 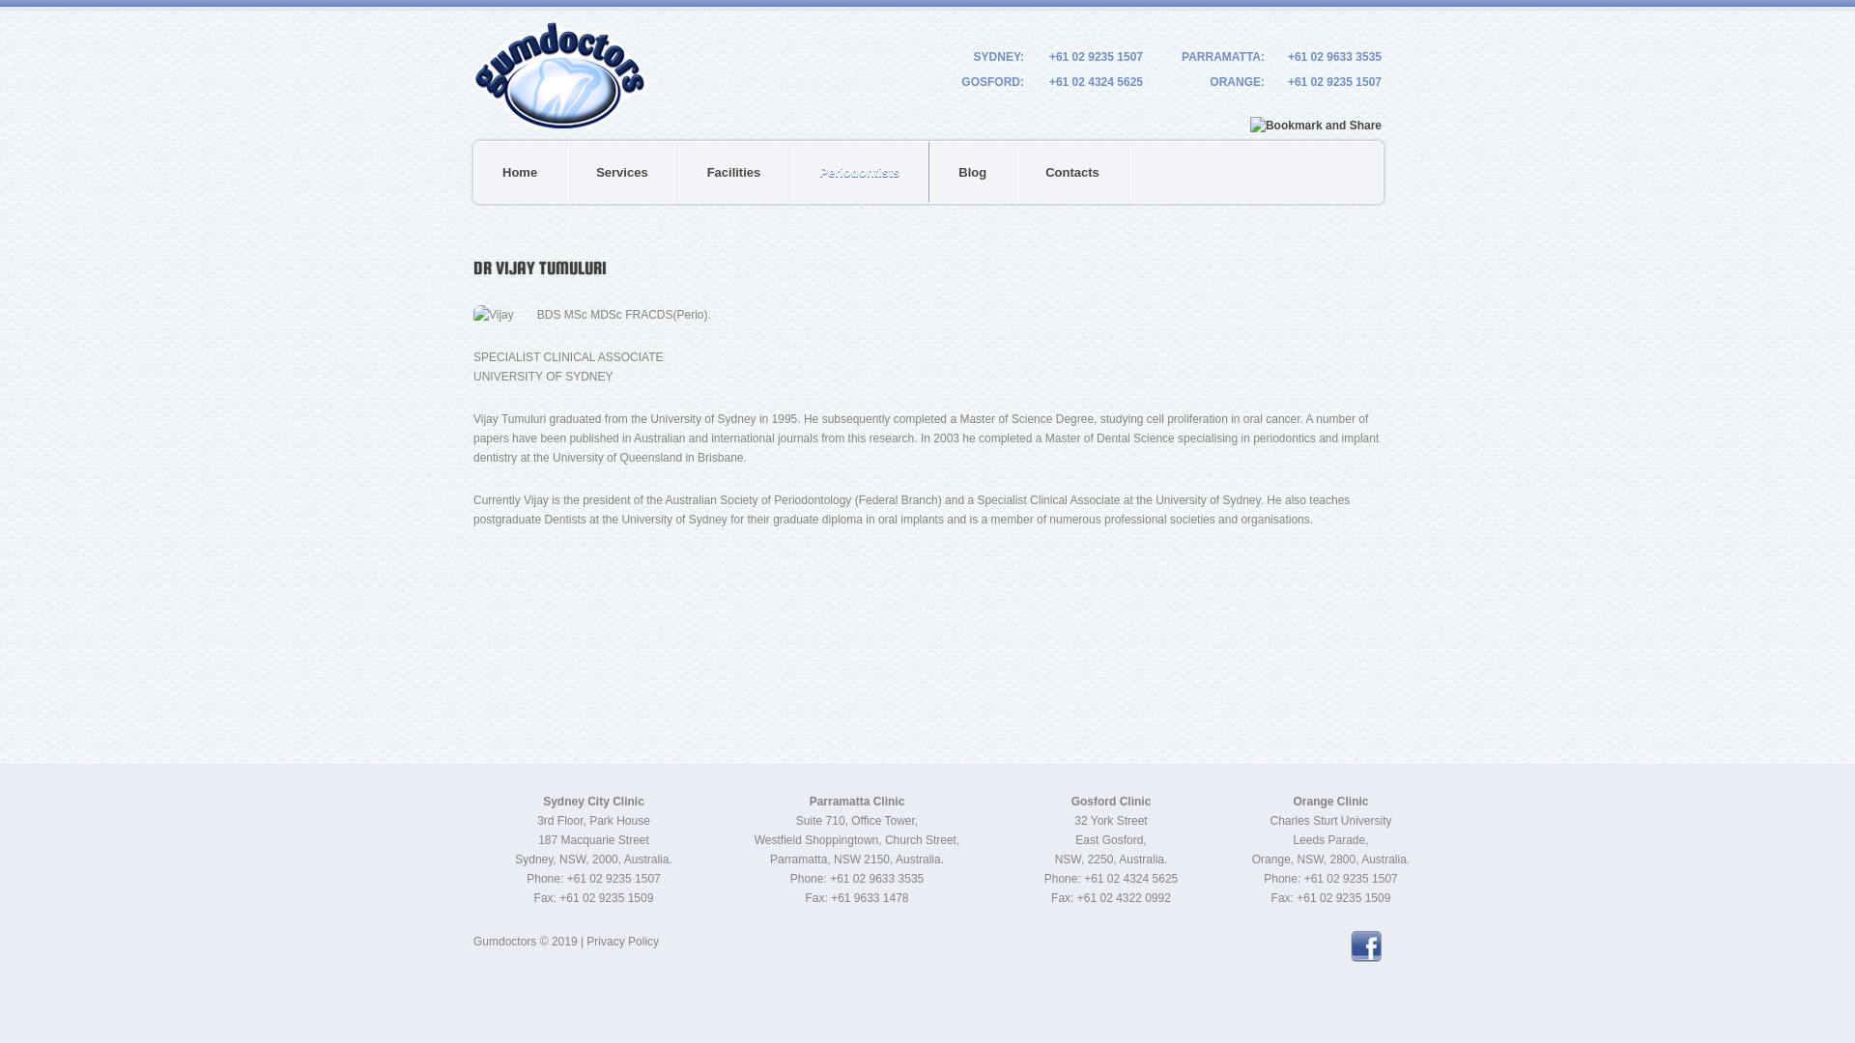 What do you see at coordinates (930, 171) in the screenshot?
I see `'Blog'` at bounding box center [930, 171].